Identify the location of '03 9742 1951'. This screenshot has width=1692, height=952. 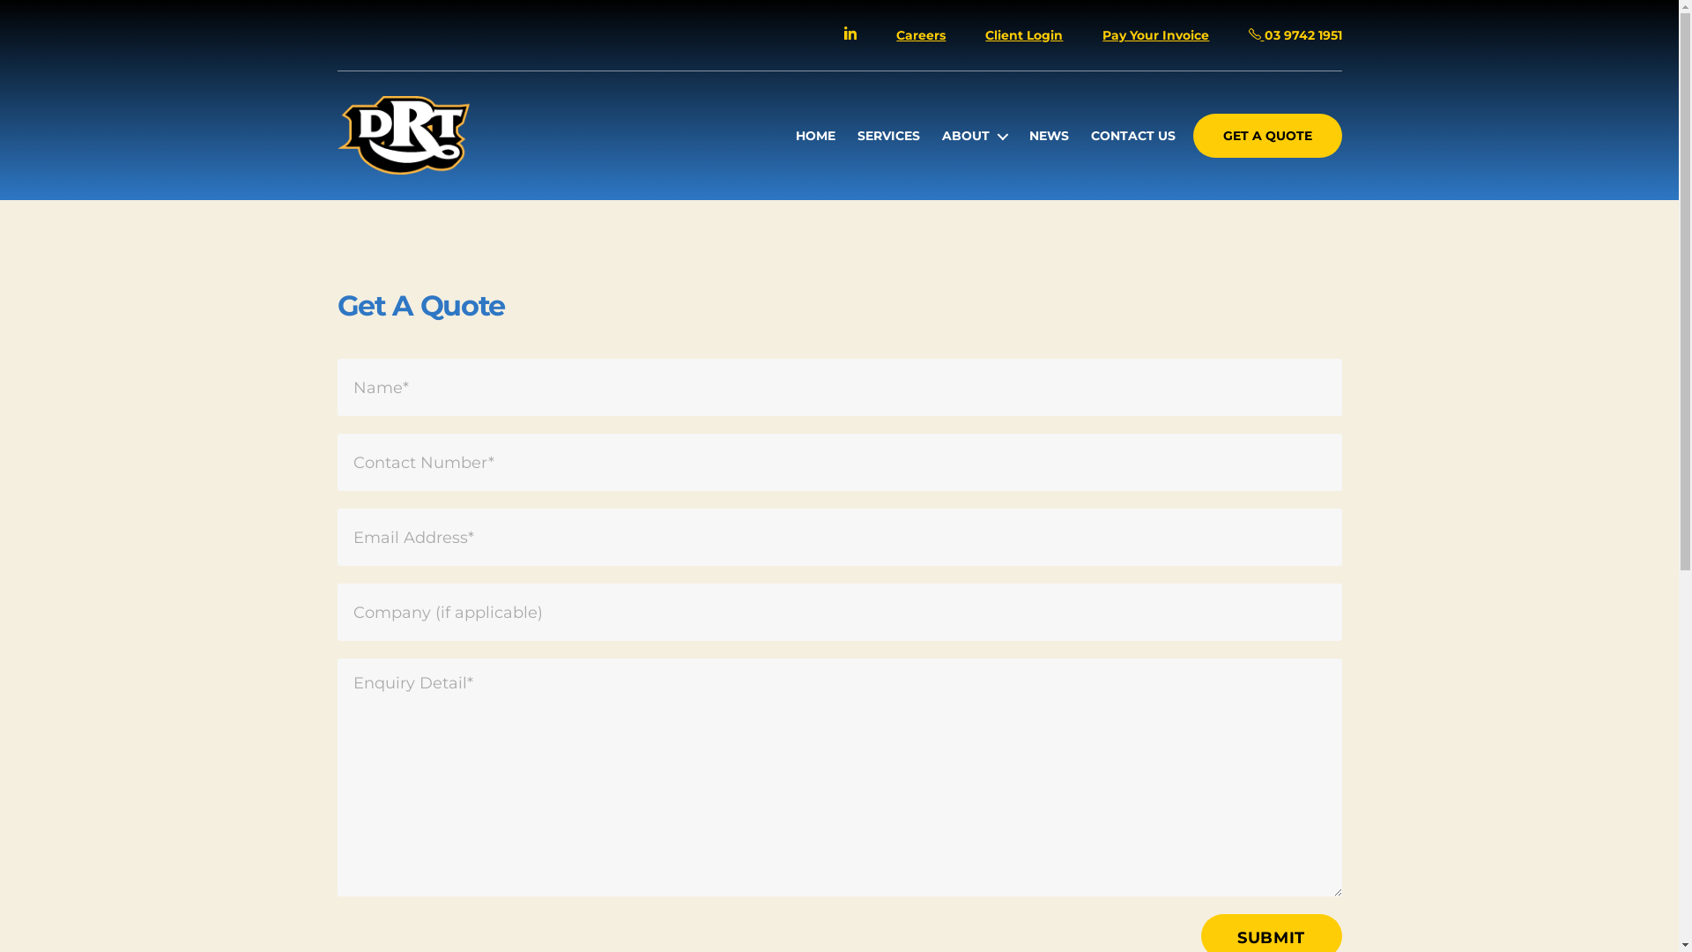
(1247, 34).